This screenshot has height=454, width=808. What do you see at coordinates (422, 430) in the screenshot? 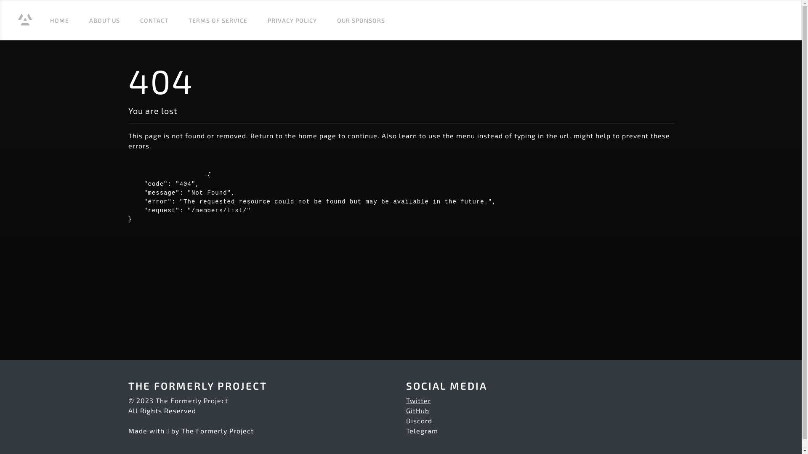
I see `'Telegram'` at bounding box center [422, 430].